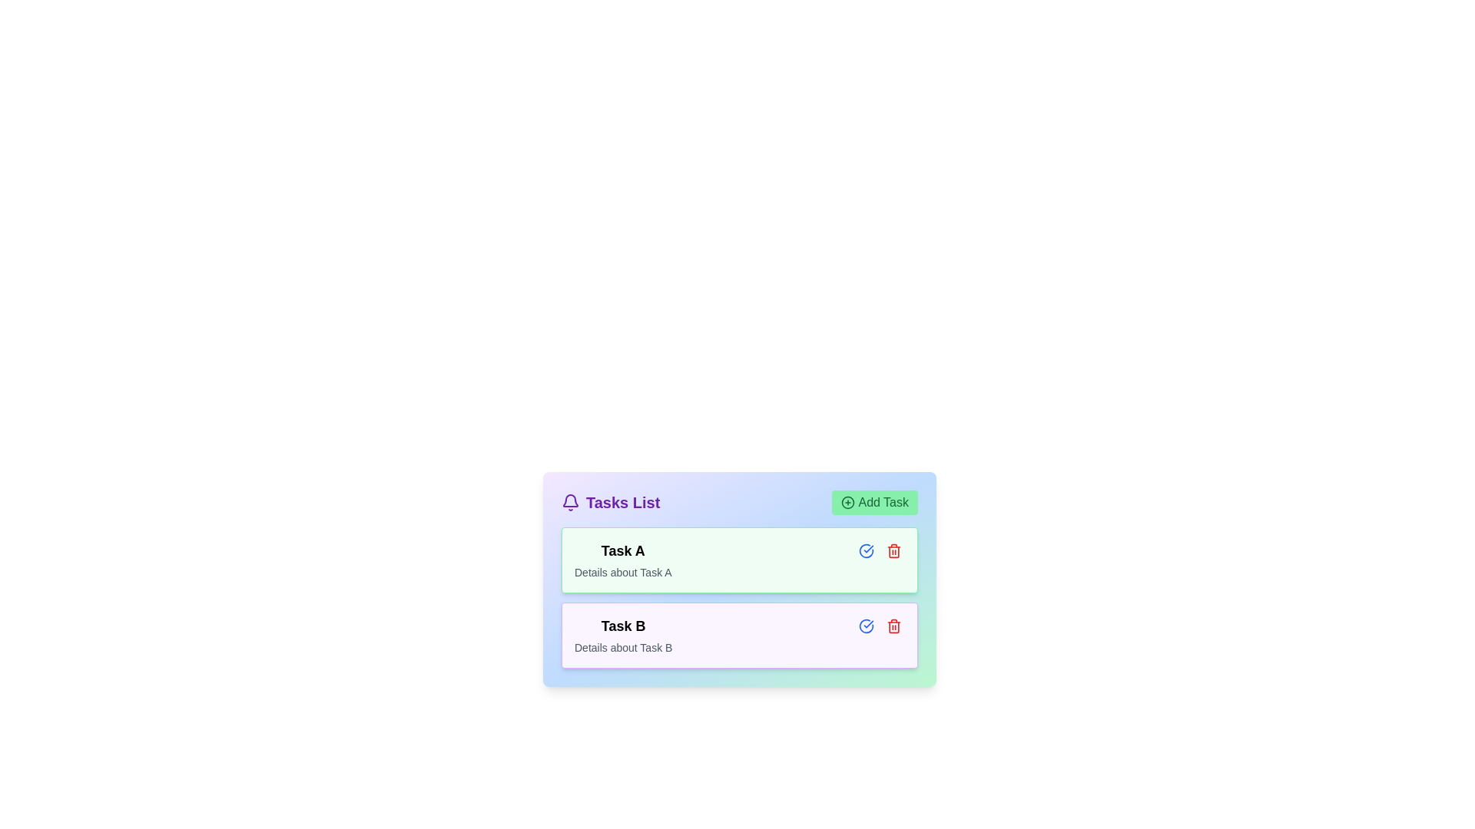 This screenshot has width=1475, height=829. Describe the element at coordinates (893, 626) in the screenshot. I see `the red trash can icon button associated with 'Task B'` at that location.